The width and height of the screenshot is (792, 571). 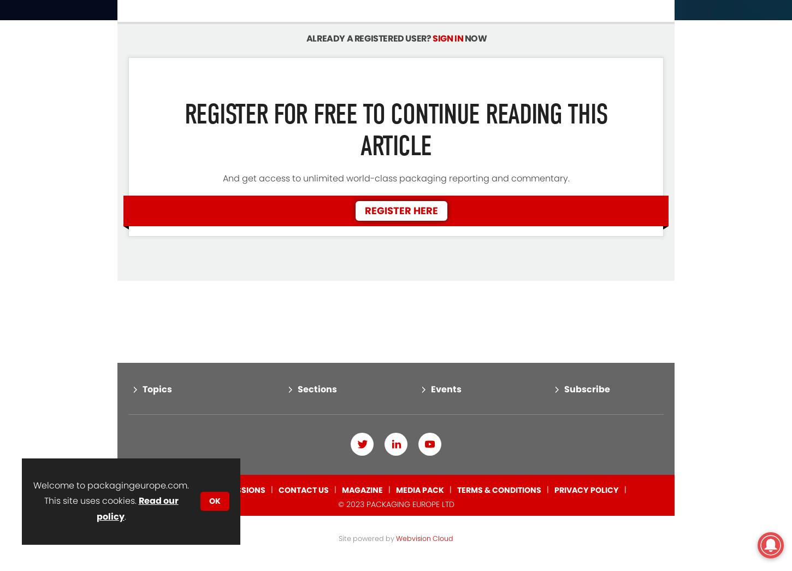 I want to click on 'Topics', so click(x=157, y=343).